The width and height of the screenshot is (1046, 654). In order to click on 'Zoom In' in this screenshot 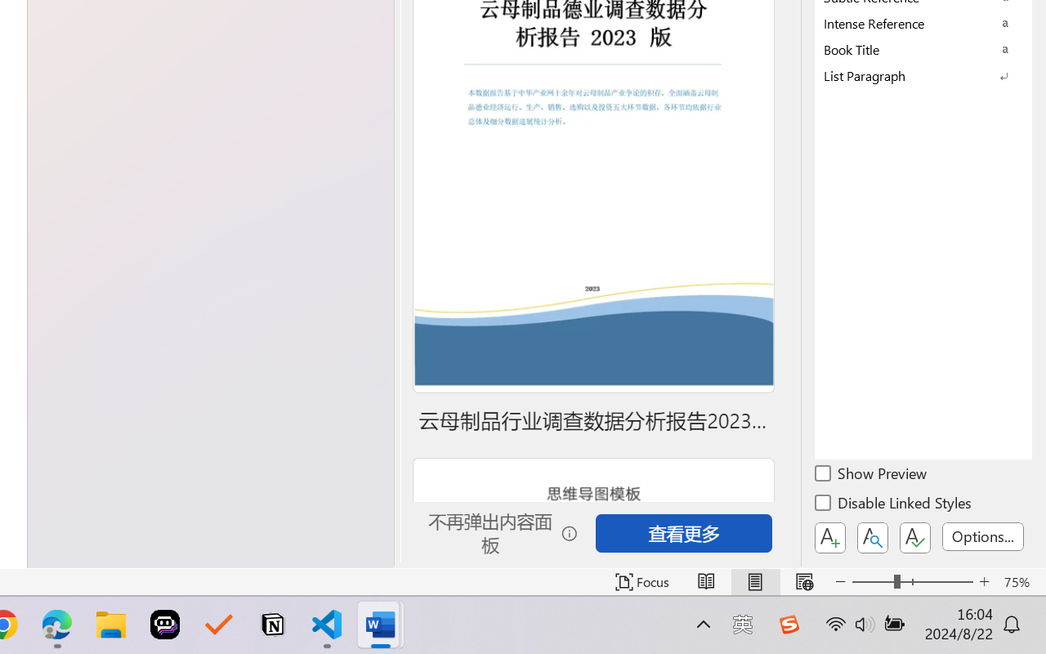, I will do `click(984, 581)`.